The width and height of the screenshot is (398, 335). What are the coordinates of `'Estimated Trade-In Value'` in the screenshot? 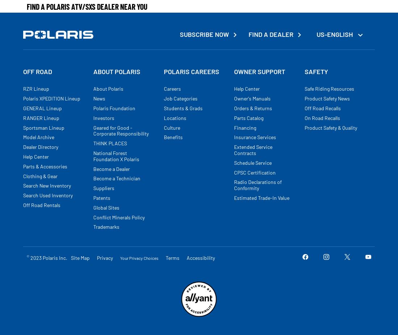 It's located at (261, 197).